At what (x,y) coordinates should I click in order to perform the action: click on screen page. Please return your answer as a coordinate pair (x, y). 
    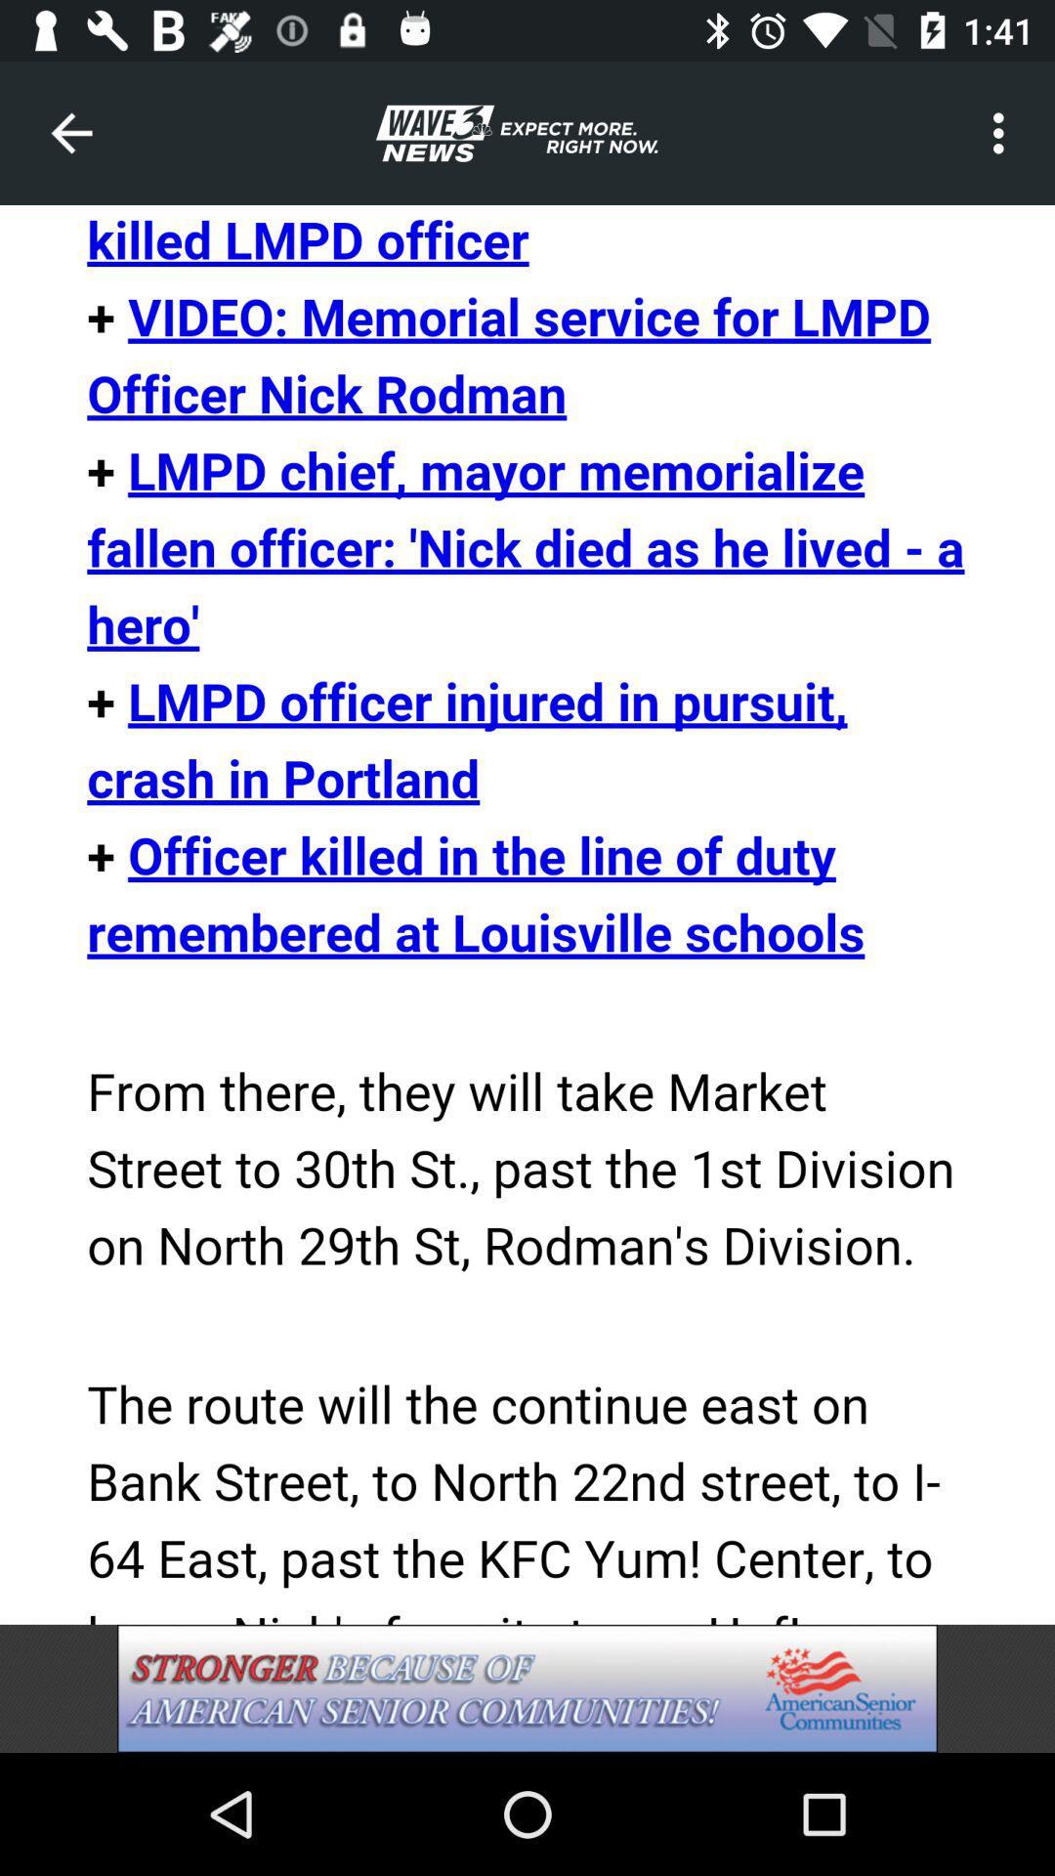
    Looking at the image, I should click on (527, 914).